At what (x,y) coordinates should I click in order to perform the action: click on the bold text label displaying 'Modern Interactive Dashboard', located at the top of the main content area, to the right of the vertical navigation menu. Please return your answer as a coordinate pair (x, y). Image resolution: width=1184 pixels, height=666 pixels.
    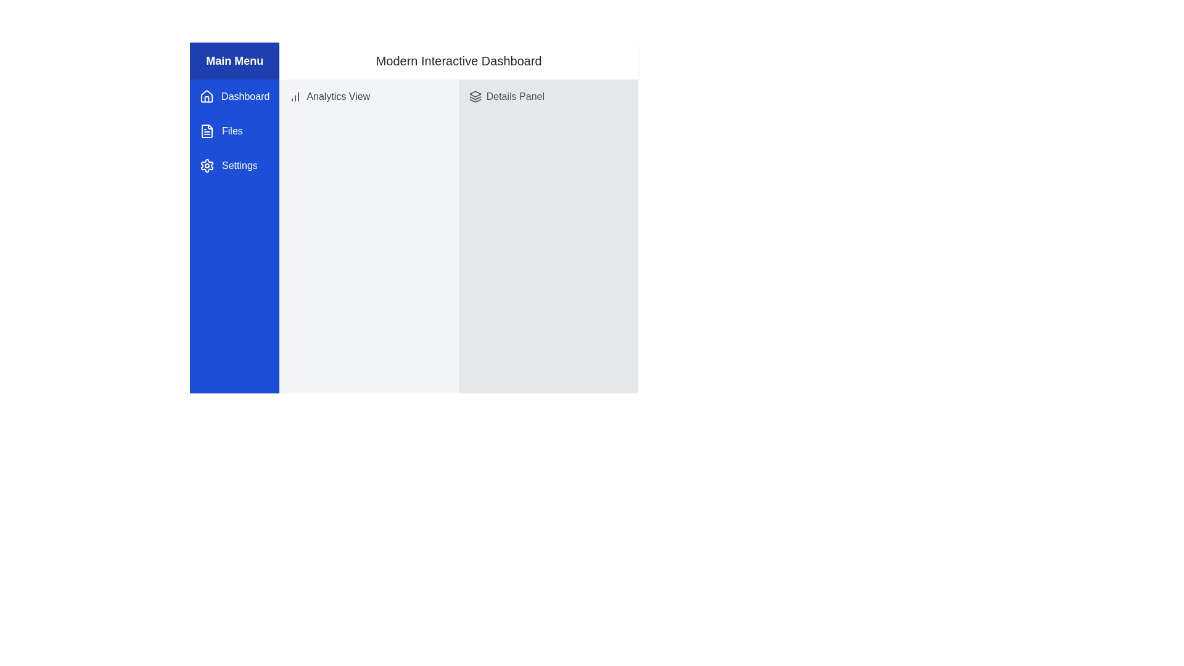
    Looking at the image, I should click on (458, 61).